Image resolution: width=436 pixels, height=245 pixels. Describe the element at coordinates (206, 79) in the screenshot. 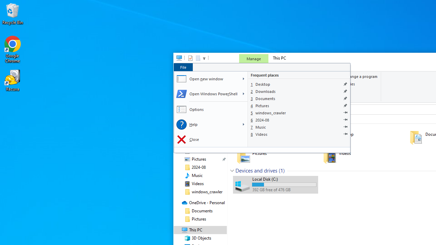

I see `'Open new window'` at that location.